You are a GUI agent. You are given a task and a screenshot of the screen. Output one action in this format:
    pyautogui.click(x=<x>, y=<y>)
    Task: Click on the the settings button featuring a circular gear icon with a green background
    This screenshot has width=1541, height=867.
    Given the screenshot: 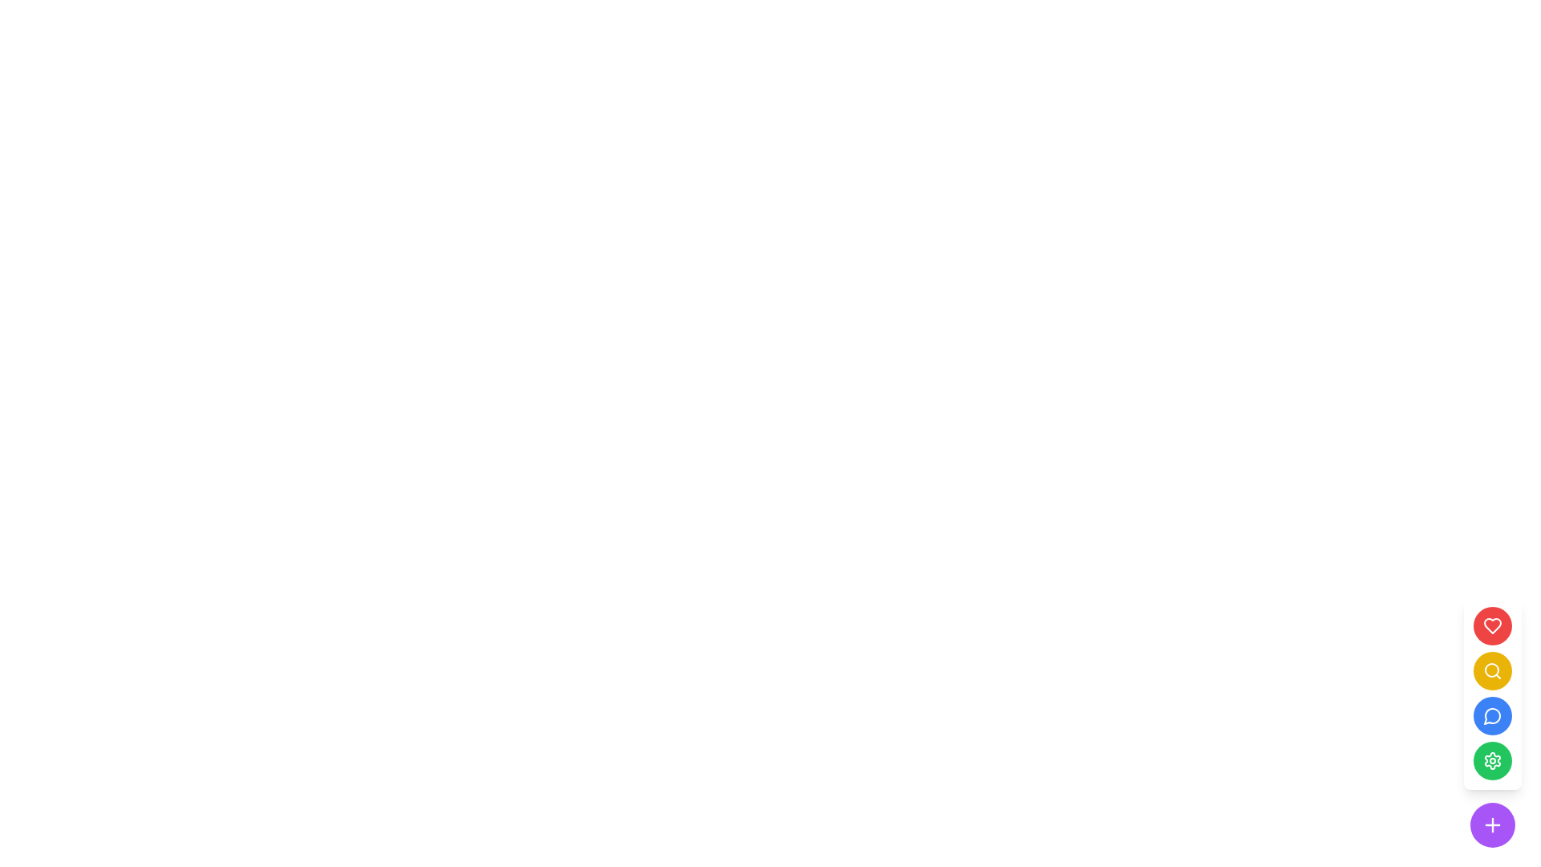 What is the action you would take?
    pyautogui.click(x=1492, y=760)
    